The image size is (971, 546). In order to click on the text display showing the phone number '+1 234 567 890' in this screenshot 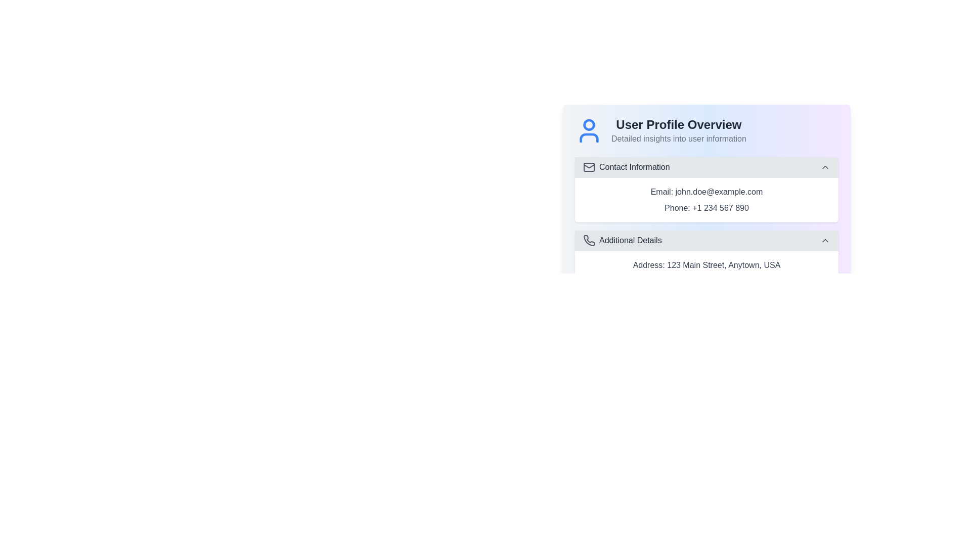, I will do `click(706, 208)`.